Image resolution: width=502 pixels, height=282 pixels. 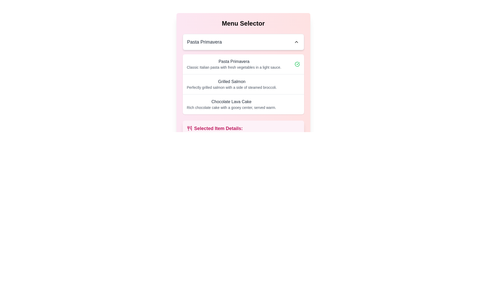 I want to click on the pink fork and knife icon located at the left-most side of the text 'Selected Item Details:' which serves as a header for the detailed section, so click(x=189, y=128).